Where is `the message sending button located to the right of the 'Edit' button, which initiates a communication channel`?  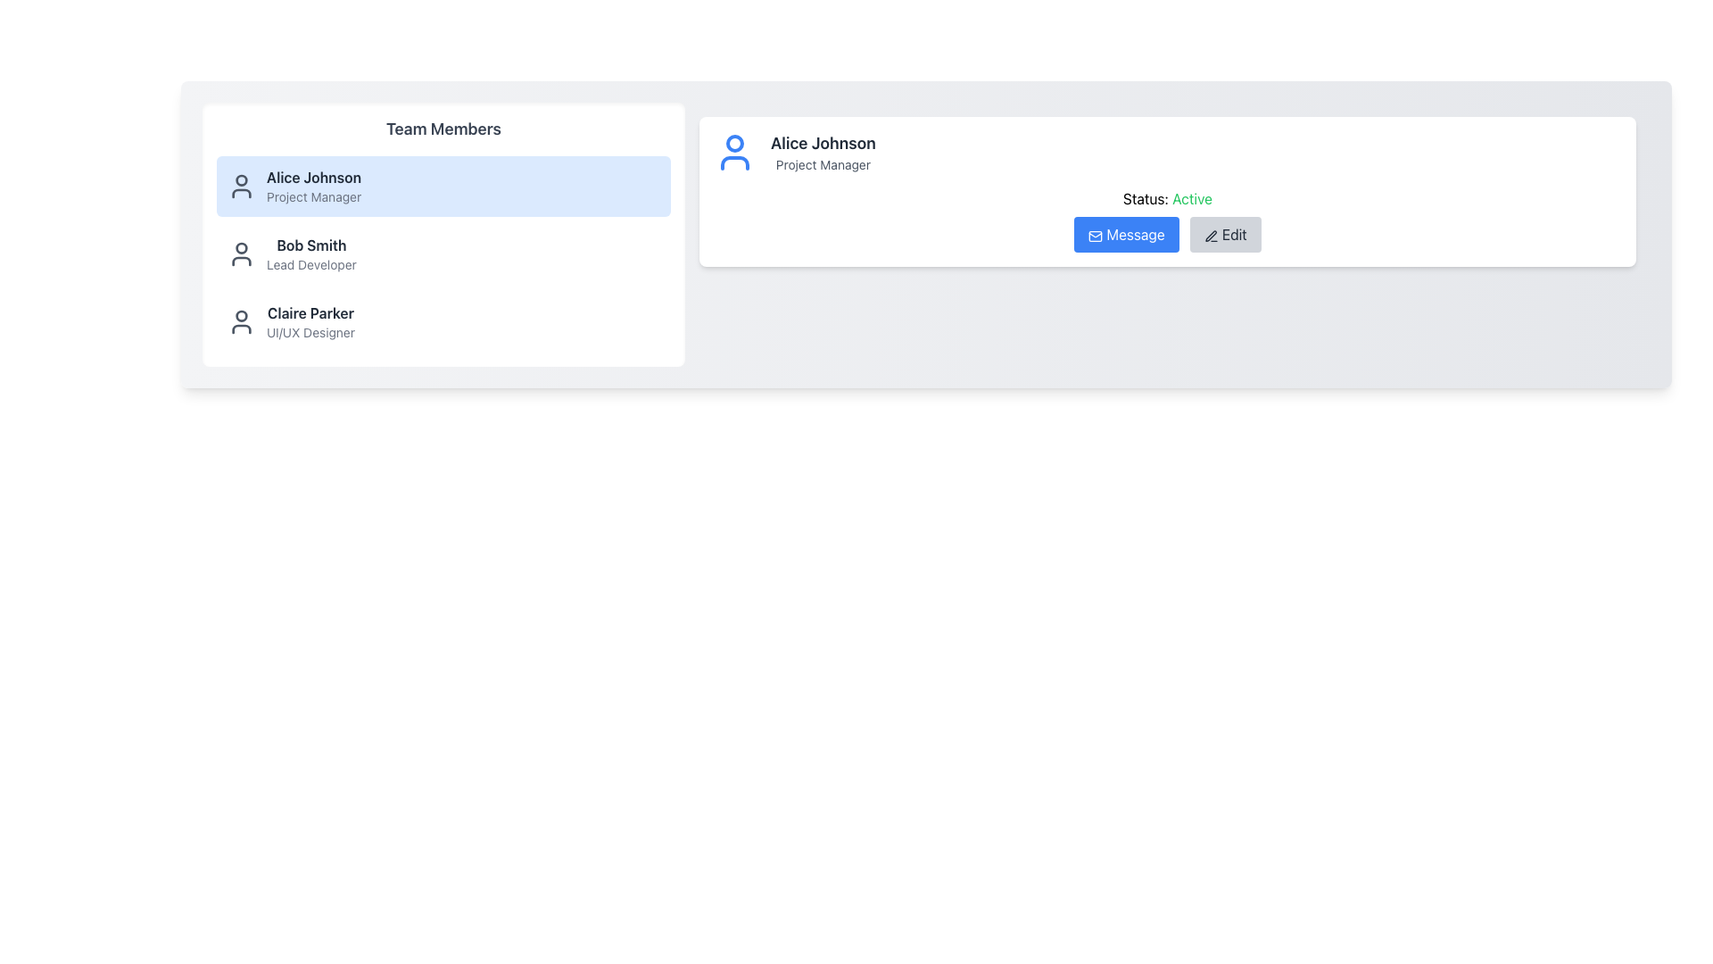
the message sending button located to the right of the 'Edit' button, which initiates a communication channel is located at coordinates (1125, 233).